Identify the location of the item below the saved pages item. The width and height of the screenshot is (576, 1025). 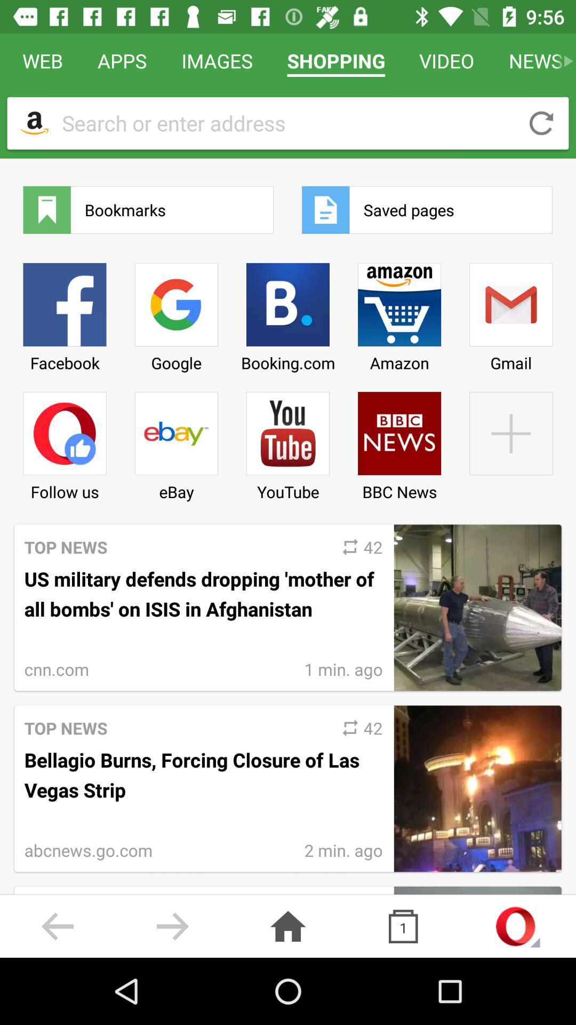
(510, 313).